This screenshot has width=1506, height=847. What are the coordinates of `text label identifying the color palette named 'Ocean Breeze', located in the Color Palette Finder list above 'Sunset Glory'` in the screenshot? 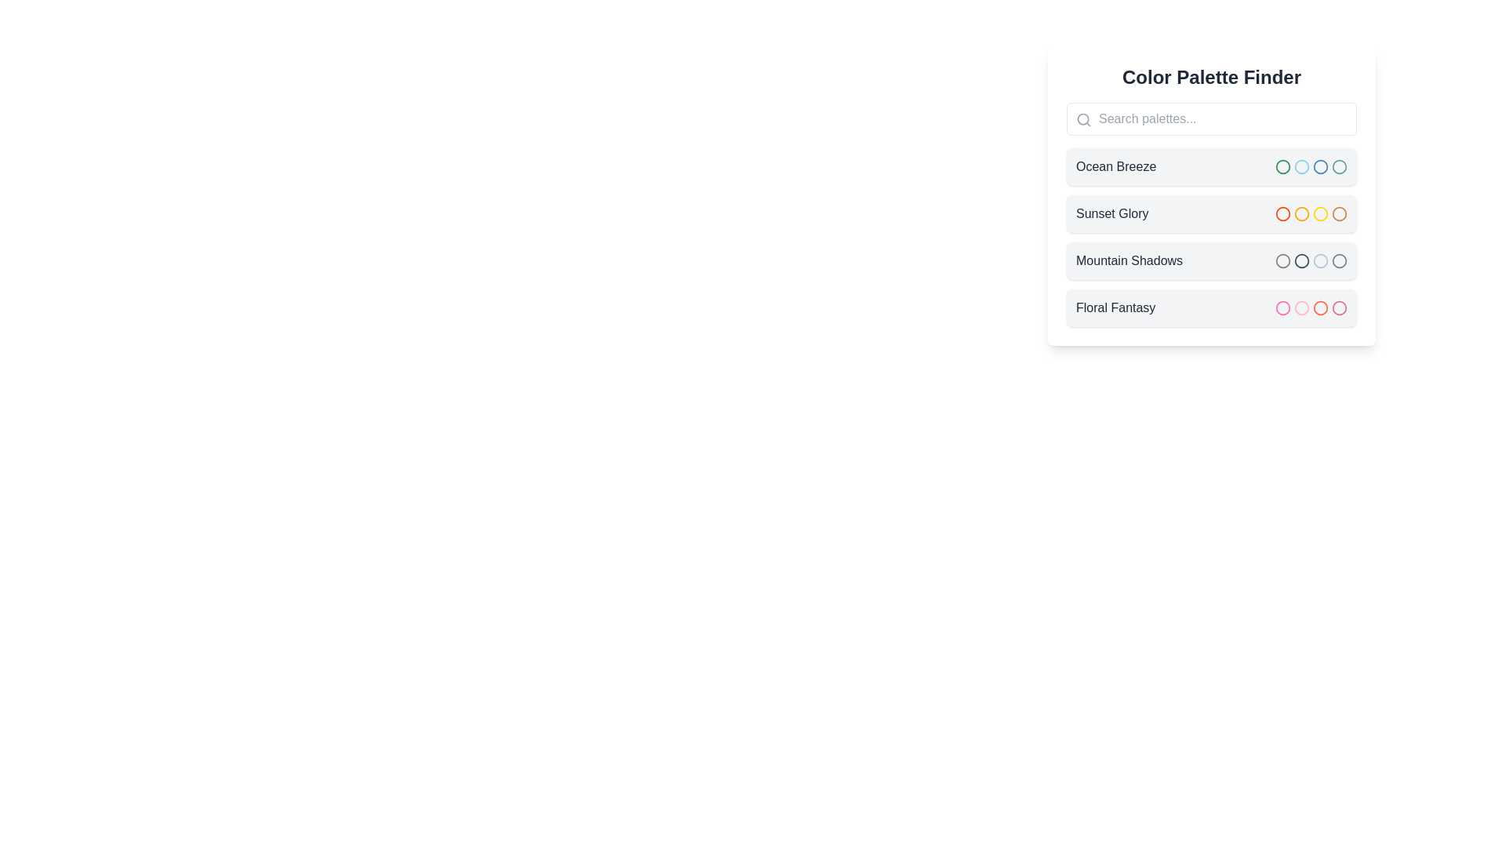 It's located at (1115, 166).